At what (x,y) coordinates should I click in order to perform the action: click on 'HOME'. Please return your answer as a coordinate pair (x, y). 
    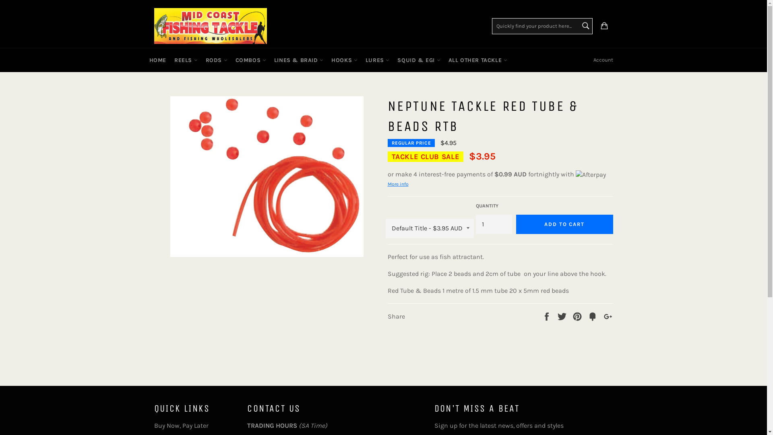
    Looking at the image, I should click on (157, 60).